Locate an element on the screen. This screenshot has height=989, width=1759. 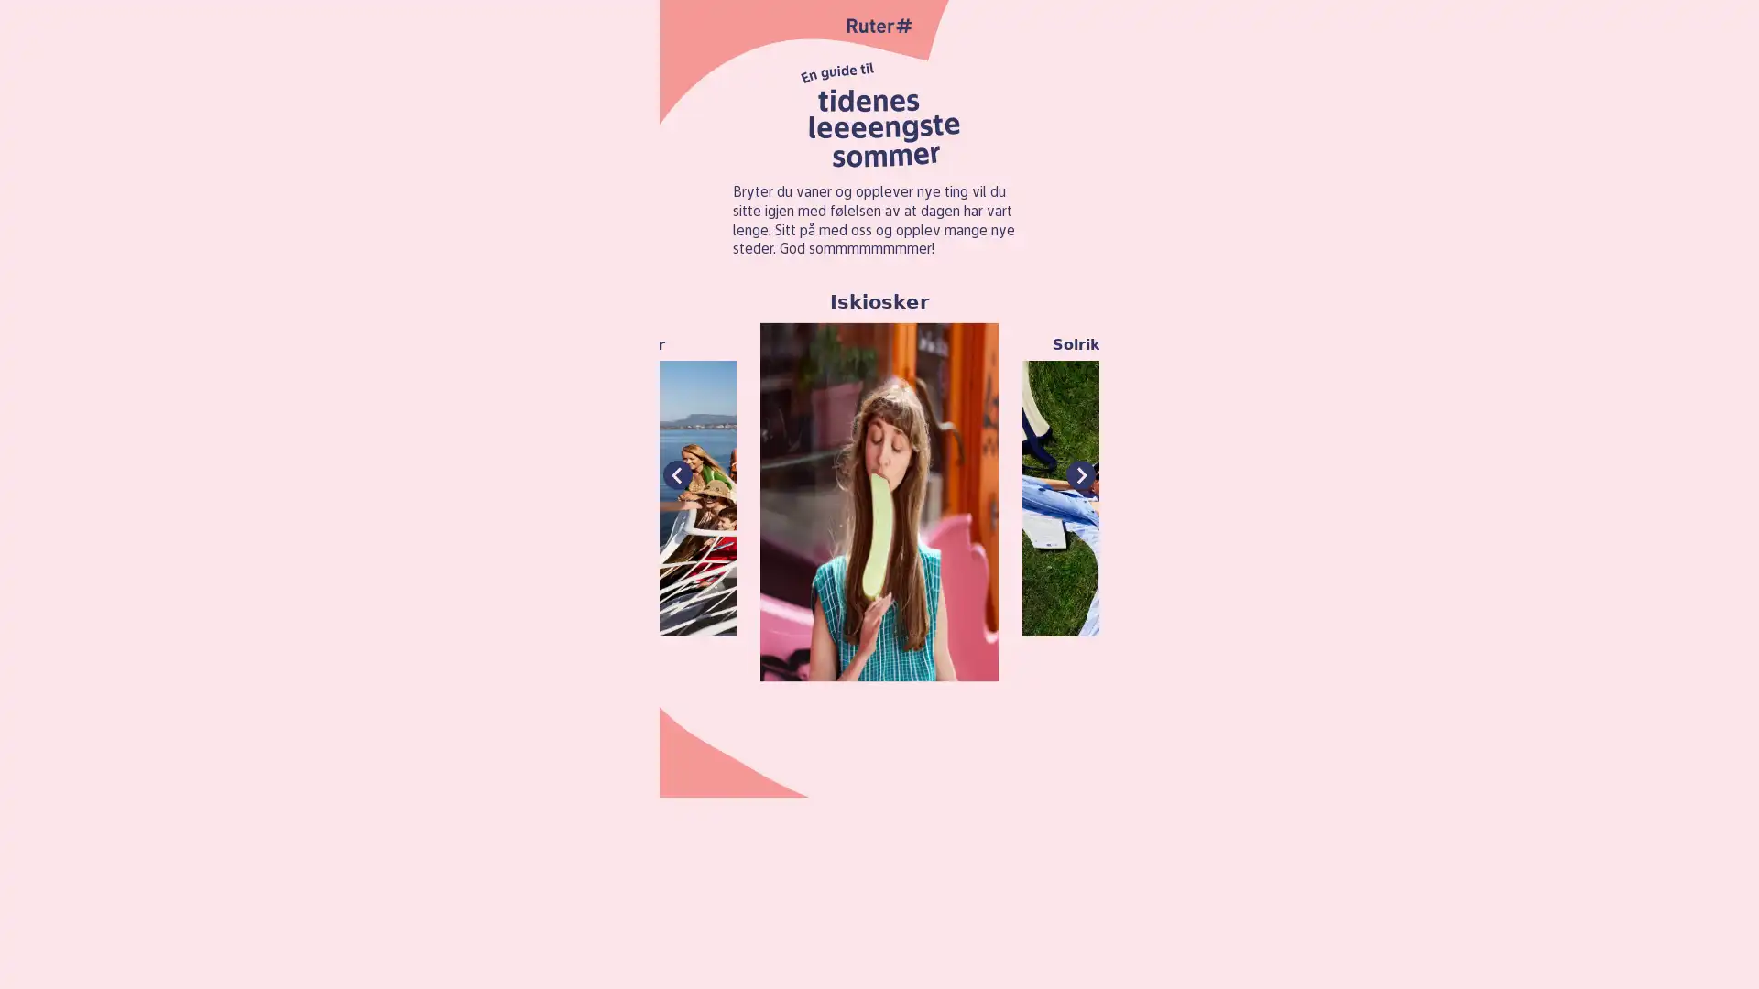
Stupetarn is located at coordinates (1348, 485).